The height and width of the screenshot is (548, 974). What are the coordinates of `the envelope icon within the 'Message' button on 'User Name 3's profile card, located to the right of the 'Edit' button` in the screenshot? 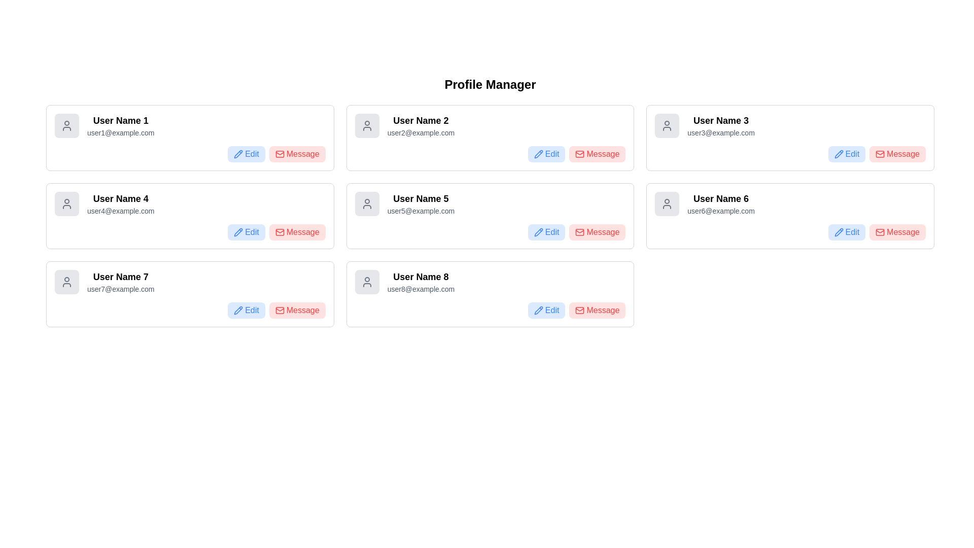 It's located at (880, 154).